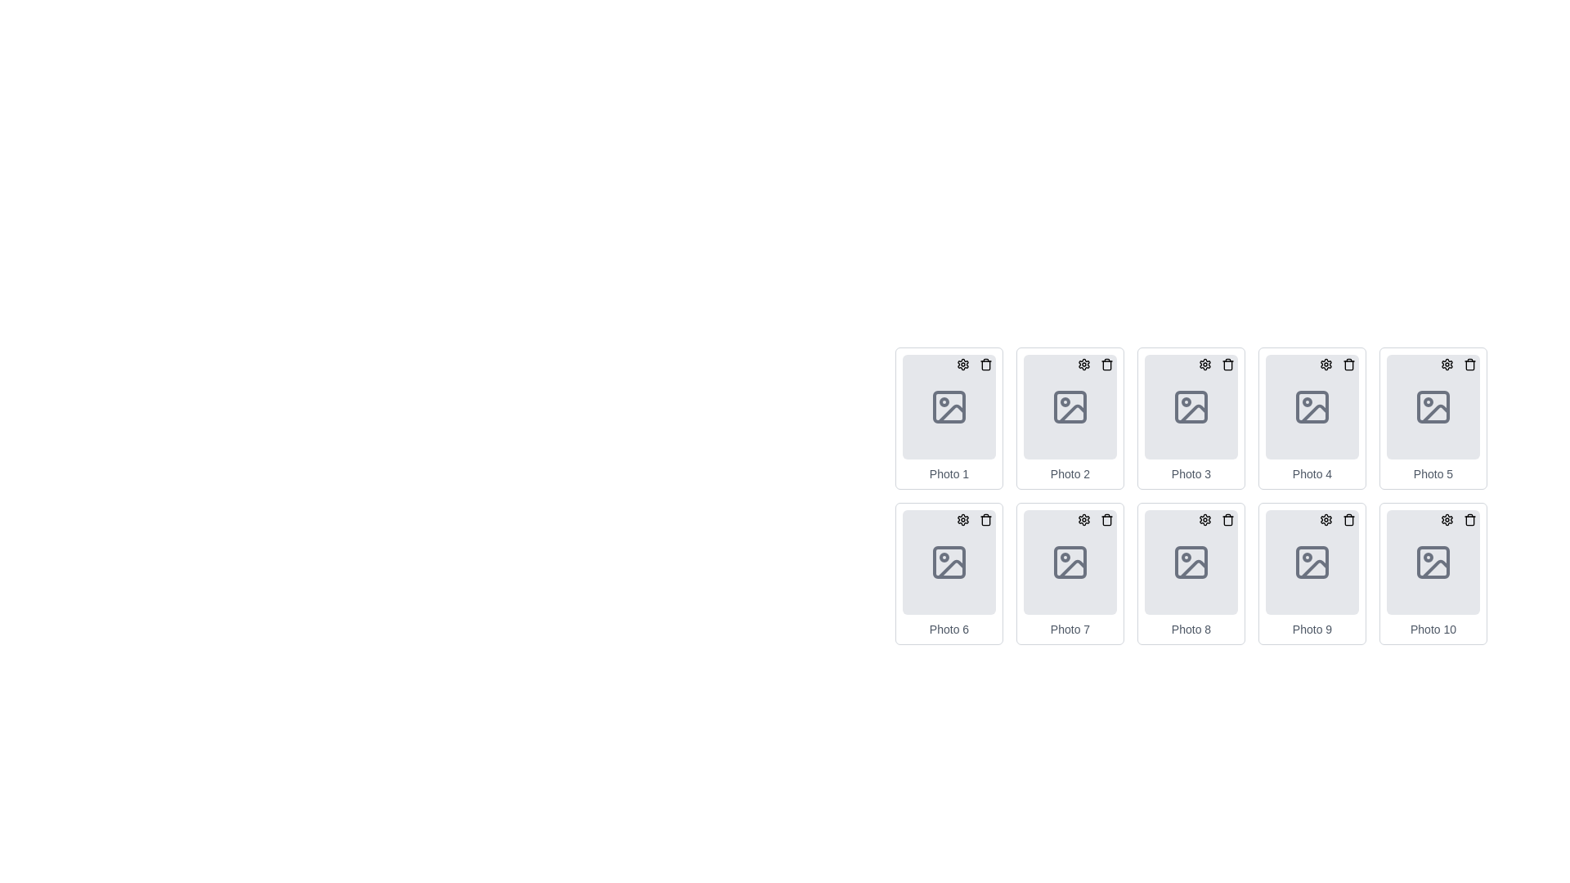 This screenshot has width=1570, height=883. I want to click on label text located at the bottom center of the top-left card in the grid layout, which serves as a descriptor for the associated image placeholder above it, so click(949, 473).